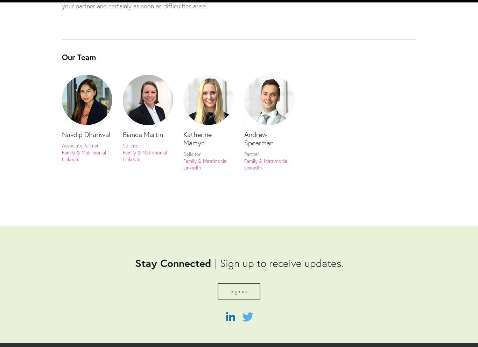  Describe the element at coordinates (80, 145) in the screenshot. I see `'Associate Partner'` at that location.